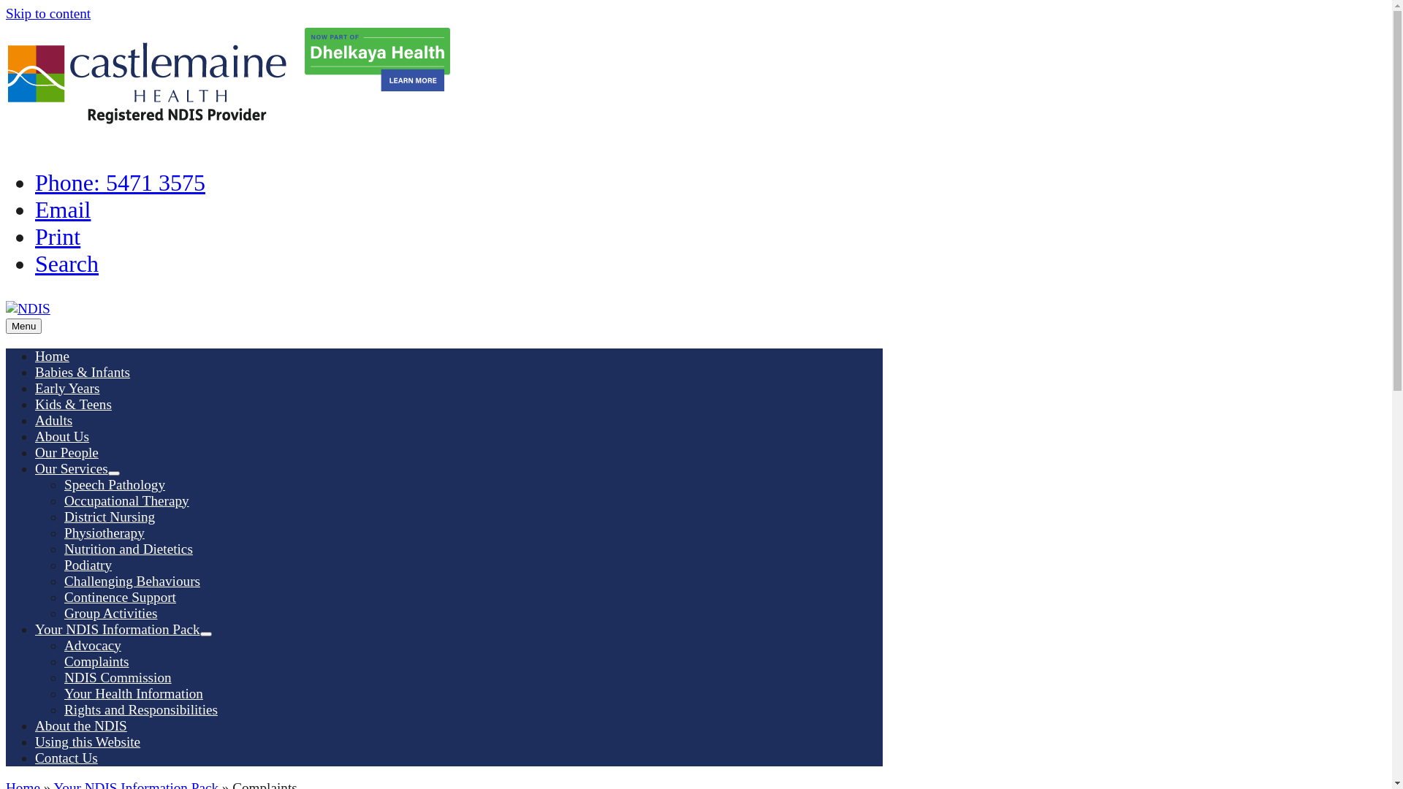 The height and width of the screenshot is (789, 1403). Describe the element at coordinates (110, 613) in the screenshot. I see `'Group Activities'` at that location.